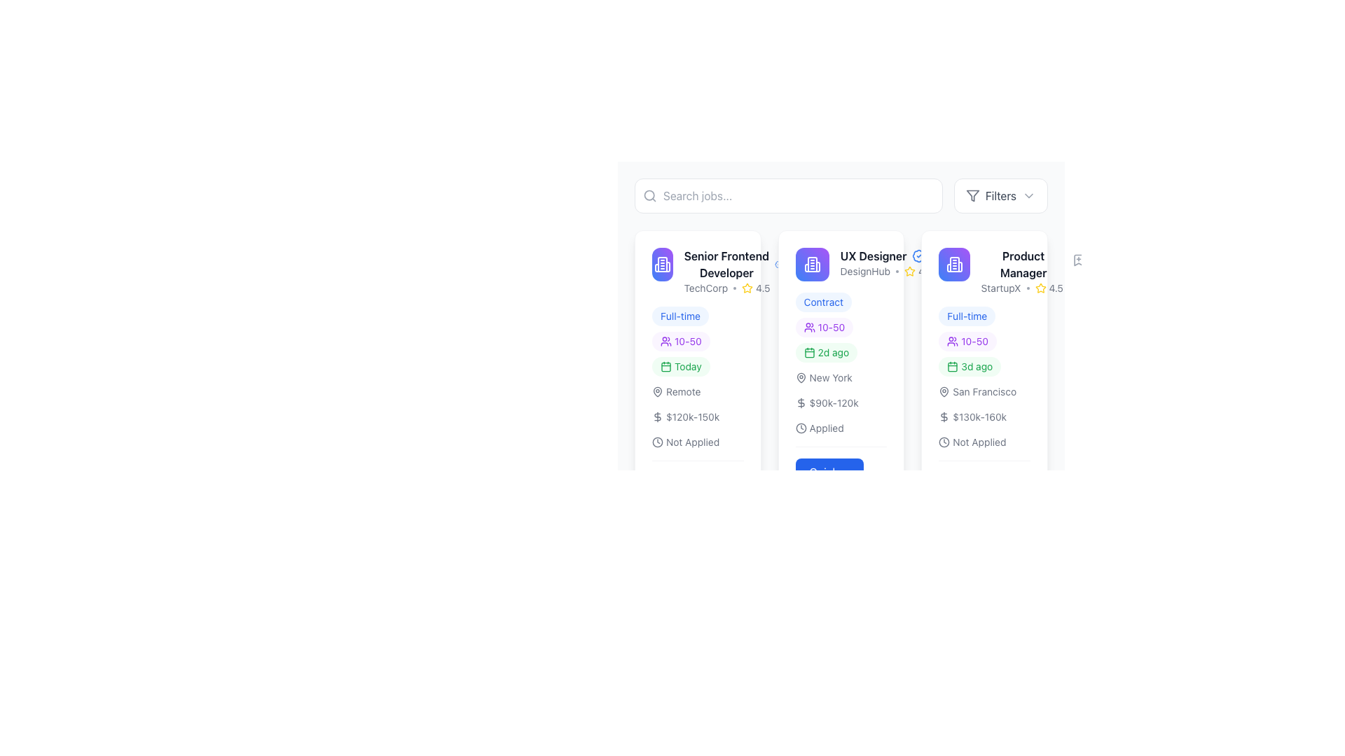 Image resolution: width=1345 pixels, height=756 pixels. I want to click on the date icon in the third job posting card below the 'Product Manager' job title, which signifies the posting date of the job, so click(953, 366).